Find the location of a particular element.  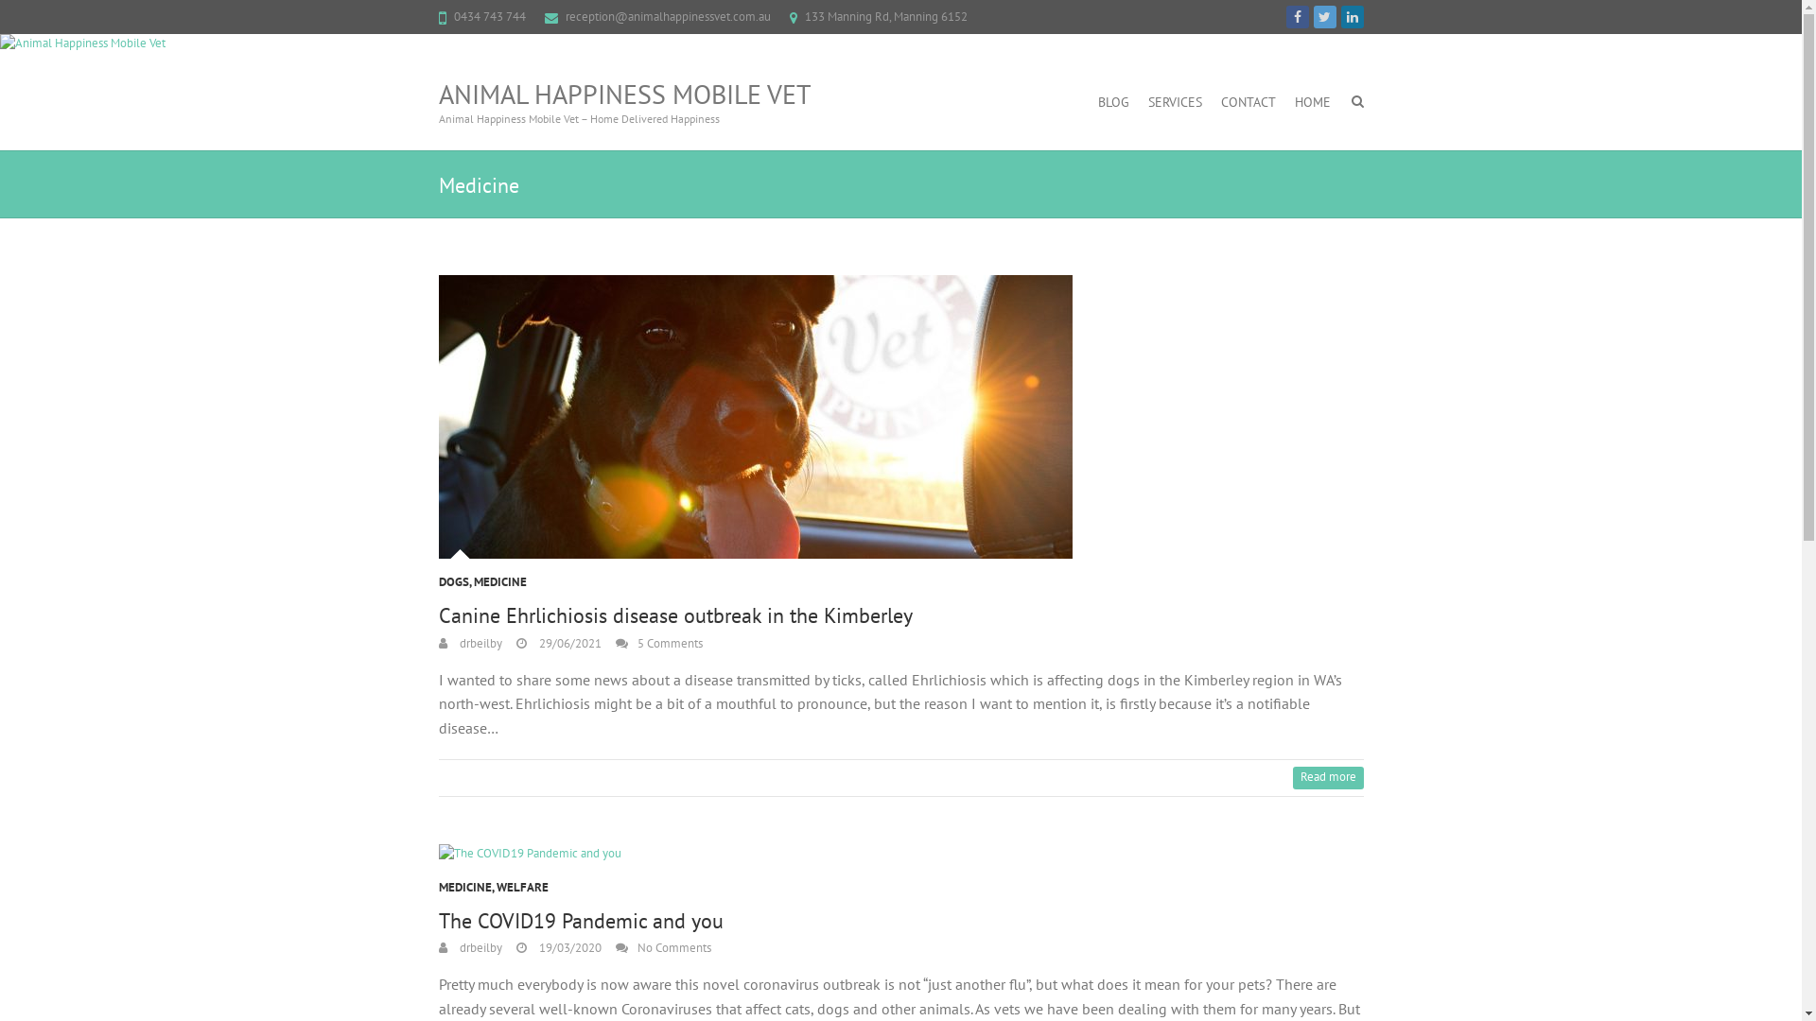

'BLOG' is located at coordinates (1112, 102).